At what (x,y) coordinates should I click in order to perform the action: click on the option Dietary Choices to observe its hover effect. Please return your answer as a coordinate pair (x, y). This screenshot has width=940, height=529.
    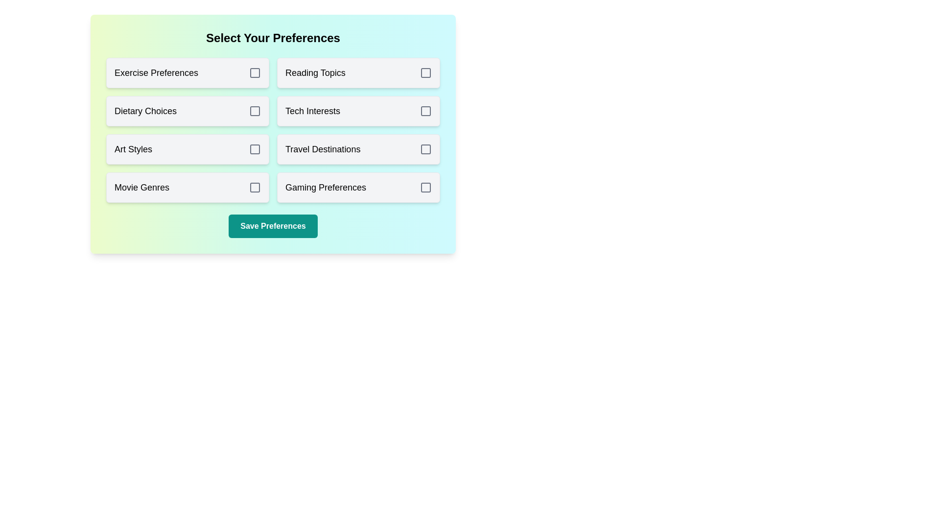
    Looking at the image, I should click on (188, 111).